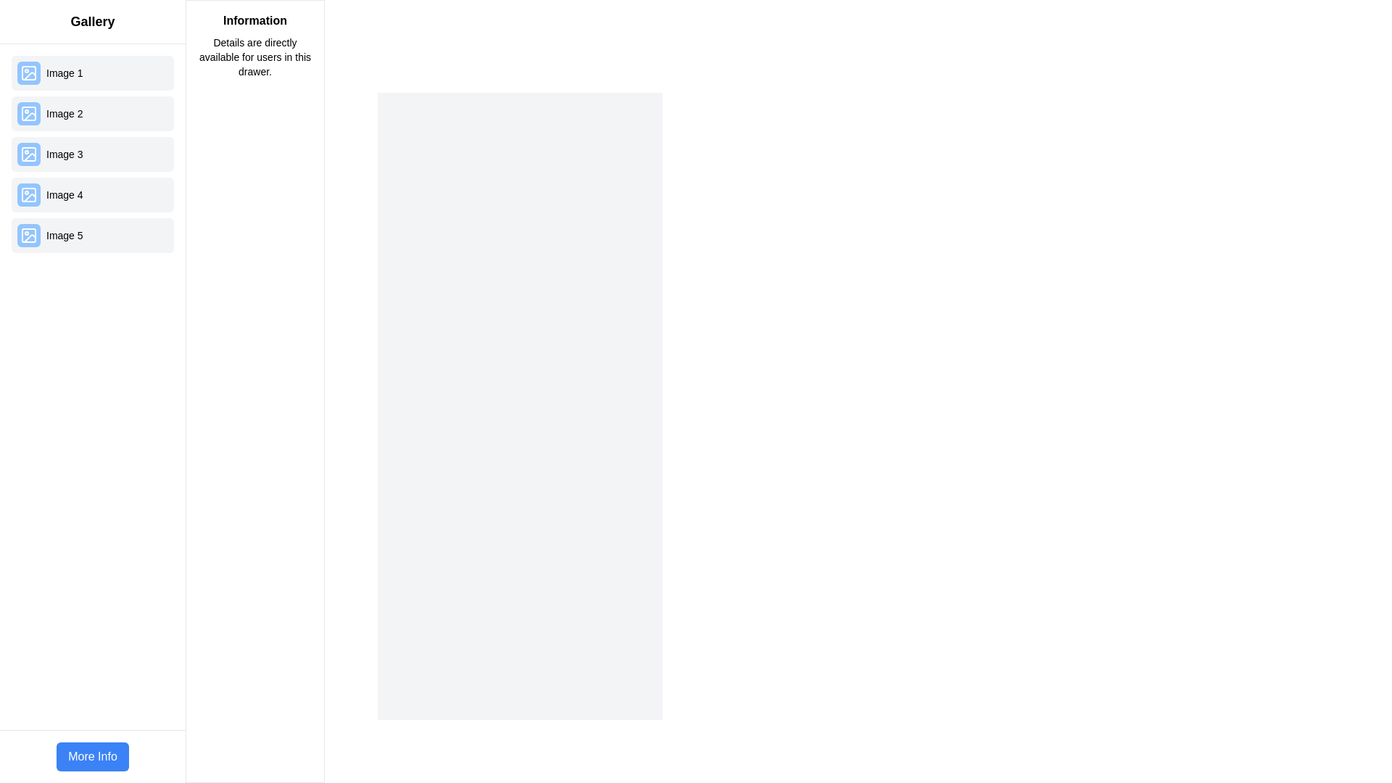 The width and height of the screenshot is (1392, 783). Describe the element at coordinates (92, 154) in the screenshot. I see `the selectable list item for 'Image 3' located under the 'Gallery' header by moving the cursor to its center point` at that location.